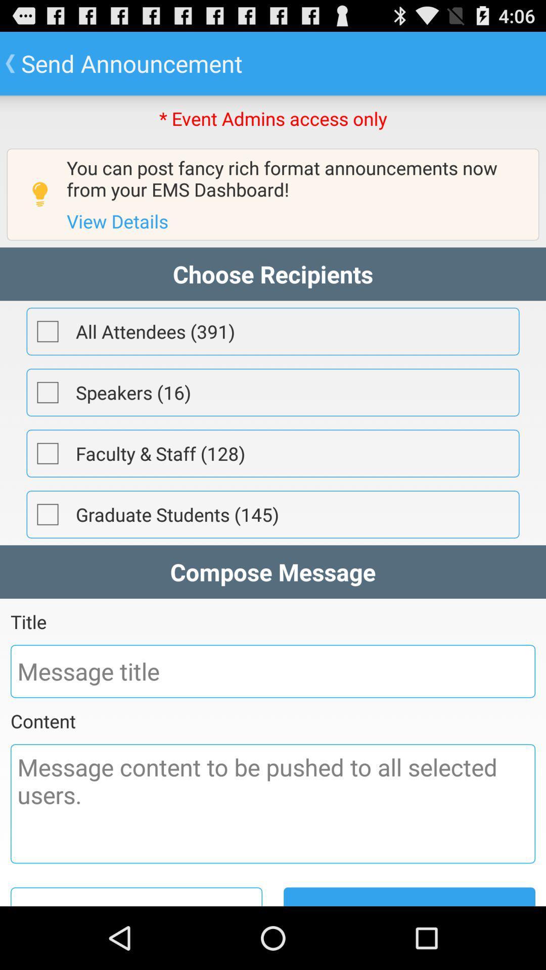 The height and width of the screenshot is (970, 546). Describe the element at coordinates (48, 453) in the screenshot. I see `choose faculty and staff for email` at that location.